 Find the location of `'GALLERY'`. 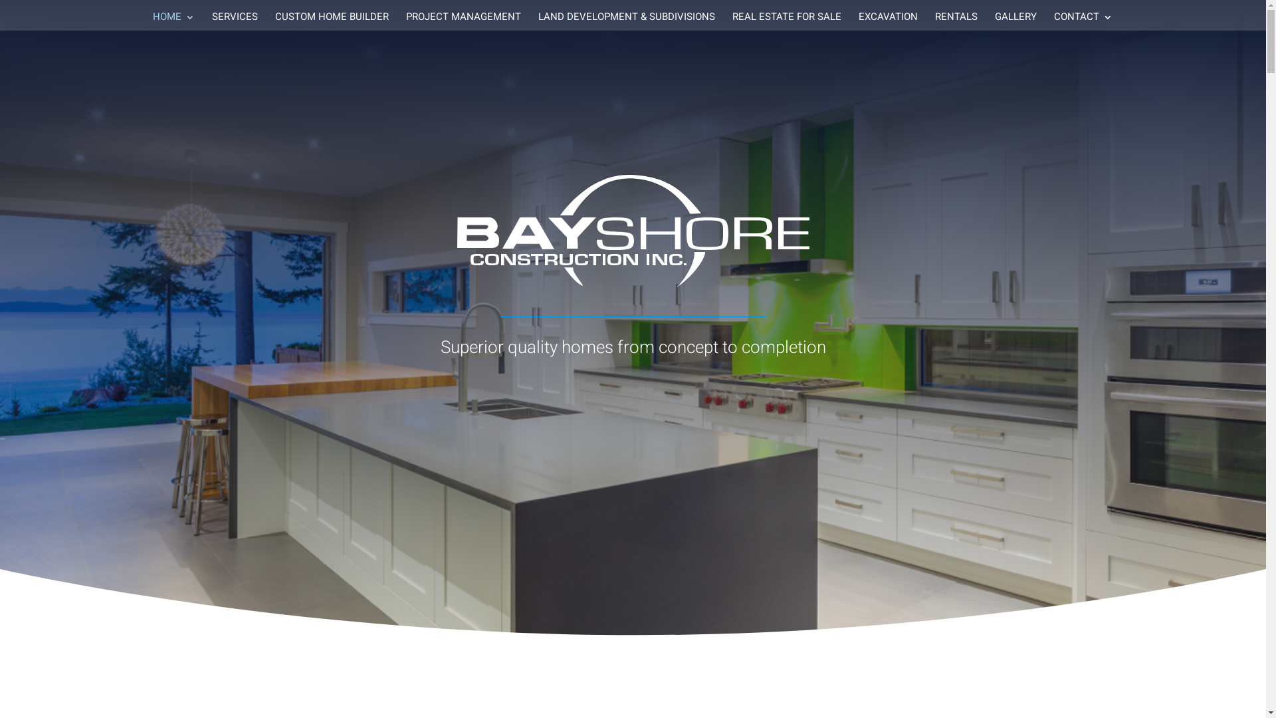

'GALLERY' is located at coordinates (1014, 21).